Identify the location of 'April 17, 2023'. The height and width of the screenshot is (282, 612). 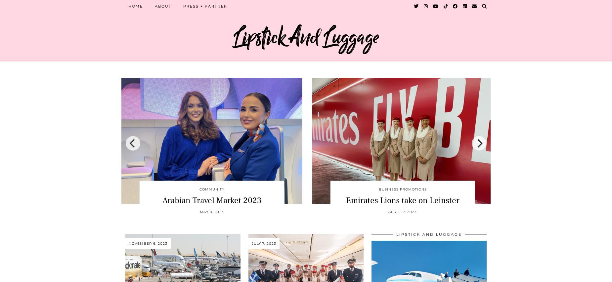
(388, 211).